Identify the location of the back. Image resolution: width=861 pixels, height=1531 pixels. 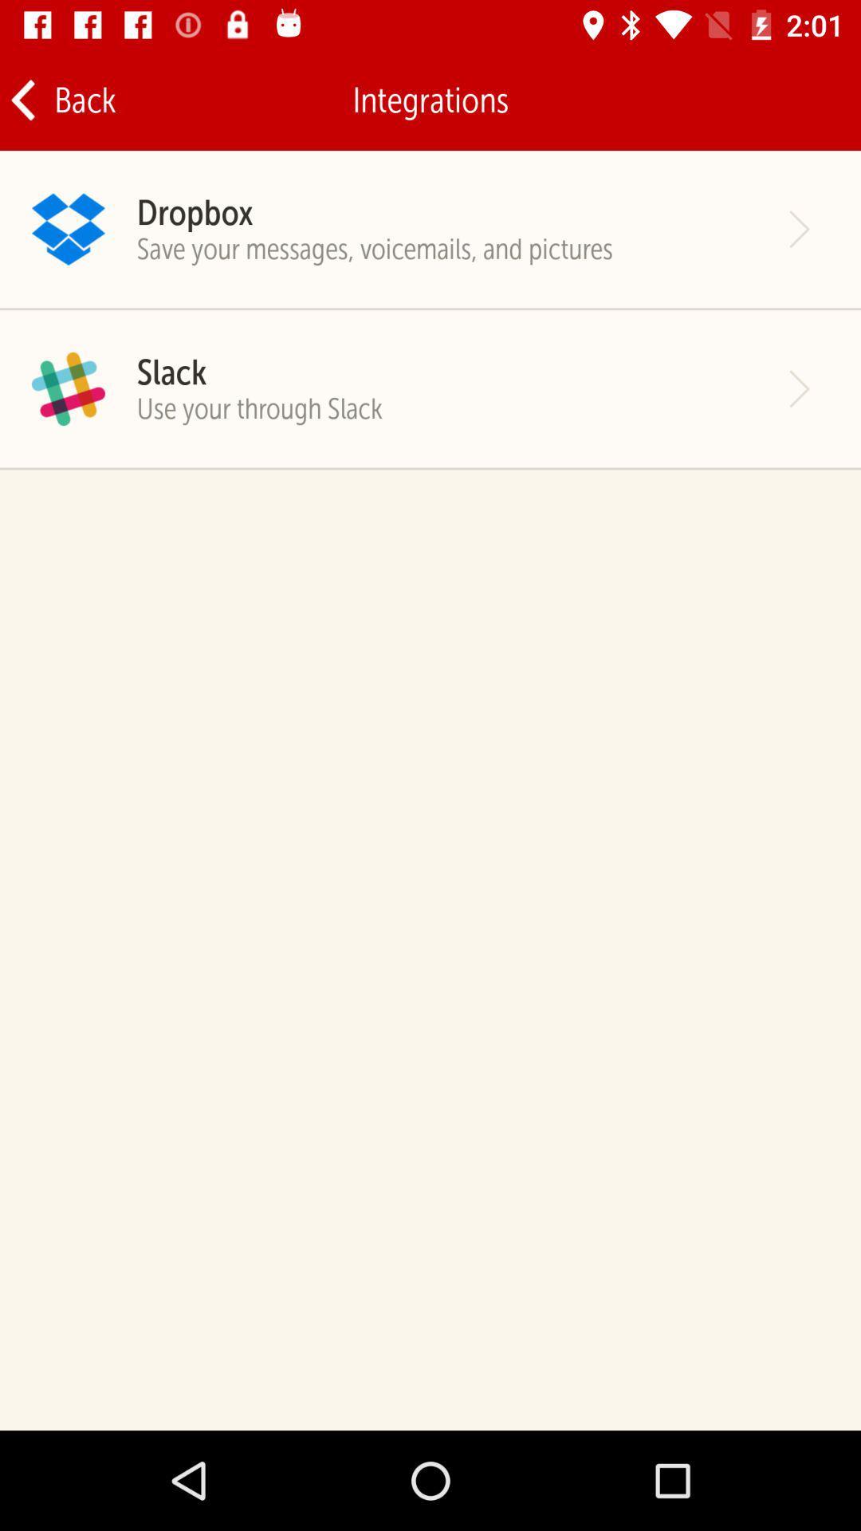
(61, 99).